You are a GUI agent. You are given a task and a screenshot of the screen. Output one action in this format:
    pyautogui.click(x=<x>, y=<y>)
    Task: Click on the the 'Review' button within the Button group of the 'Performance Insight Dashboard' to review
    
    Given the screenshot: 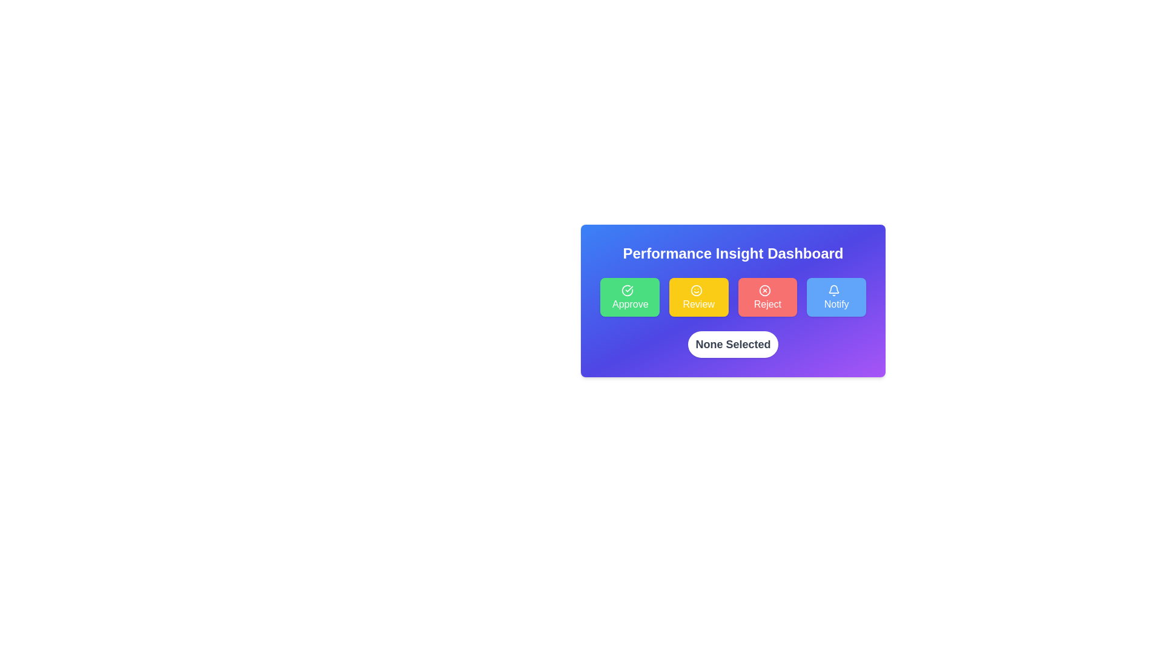 What is the action you would take?
    pyautogui.click(x=732, y=297)
    